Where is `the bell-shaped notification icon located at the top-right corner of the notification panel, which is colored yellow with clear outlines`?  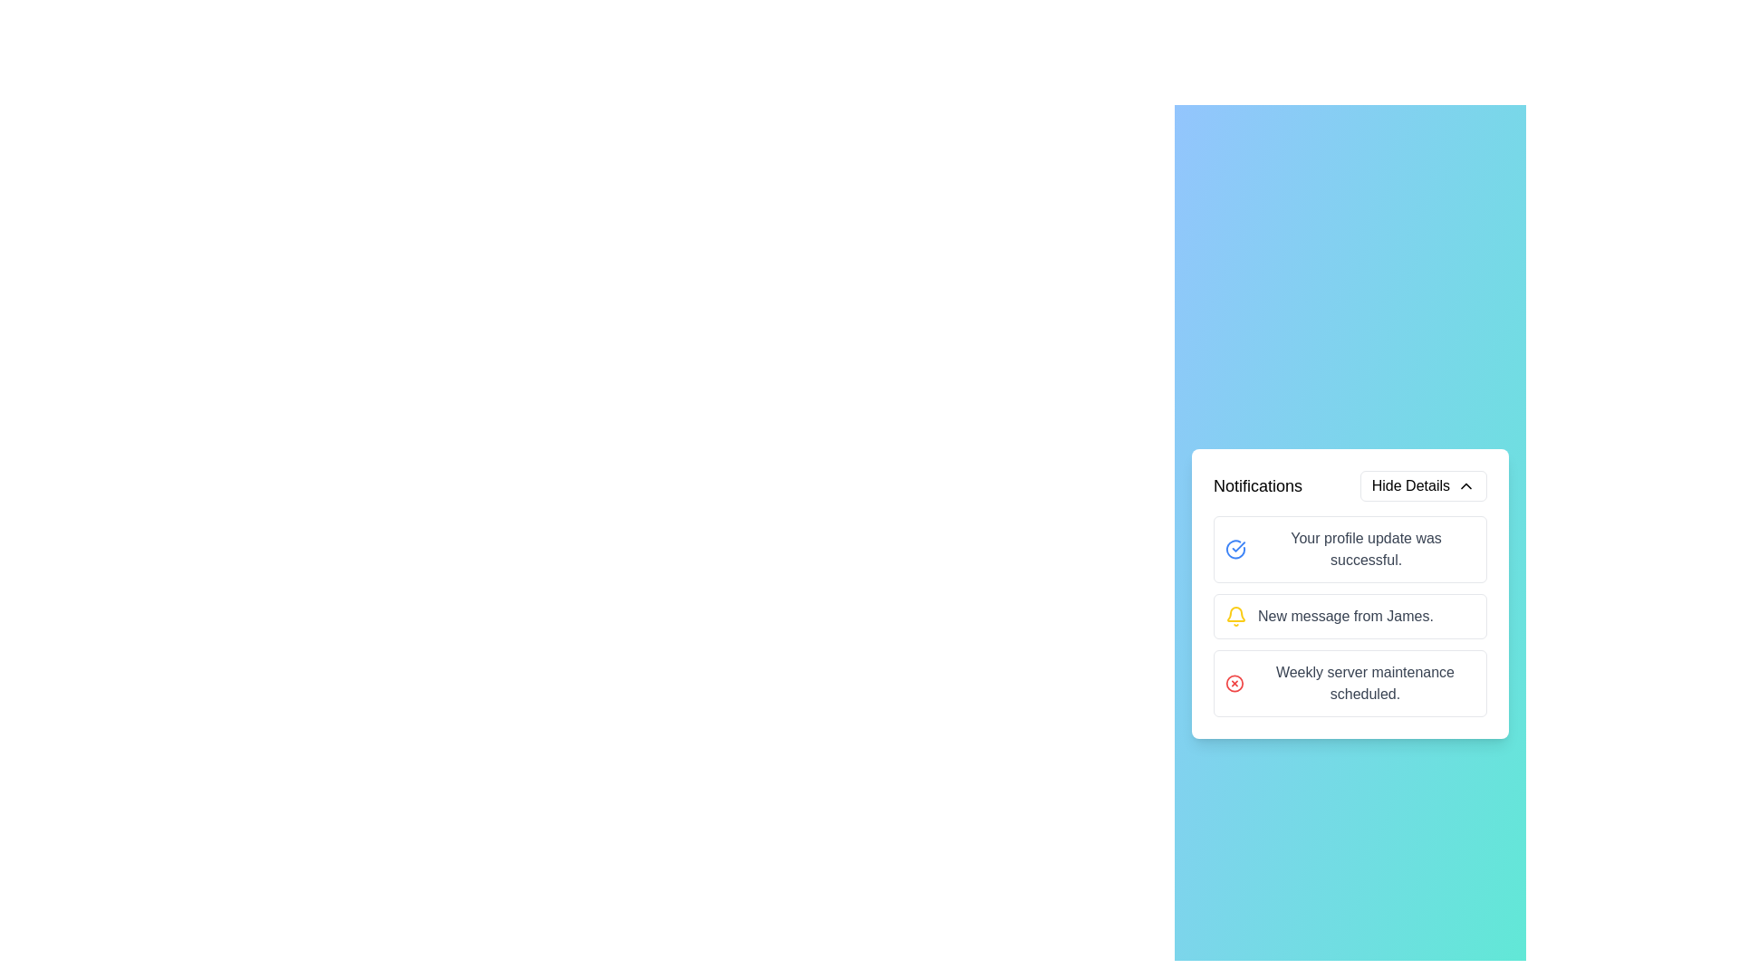
the bell-shaped notification icon located at the top-right corner of the notification panel, which is colored yellow with clear outlines is located at coordinates (1235, 613).